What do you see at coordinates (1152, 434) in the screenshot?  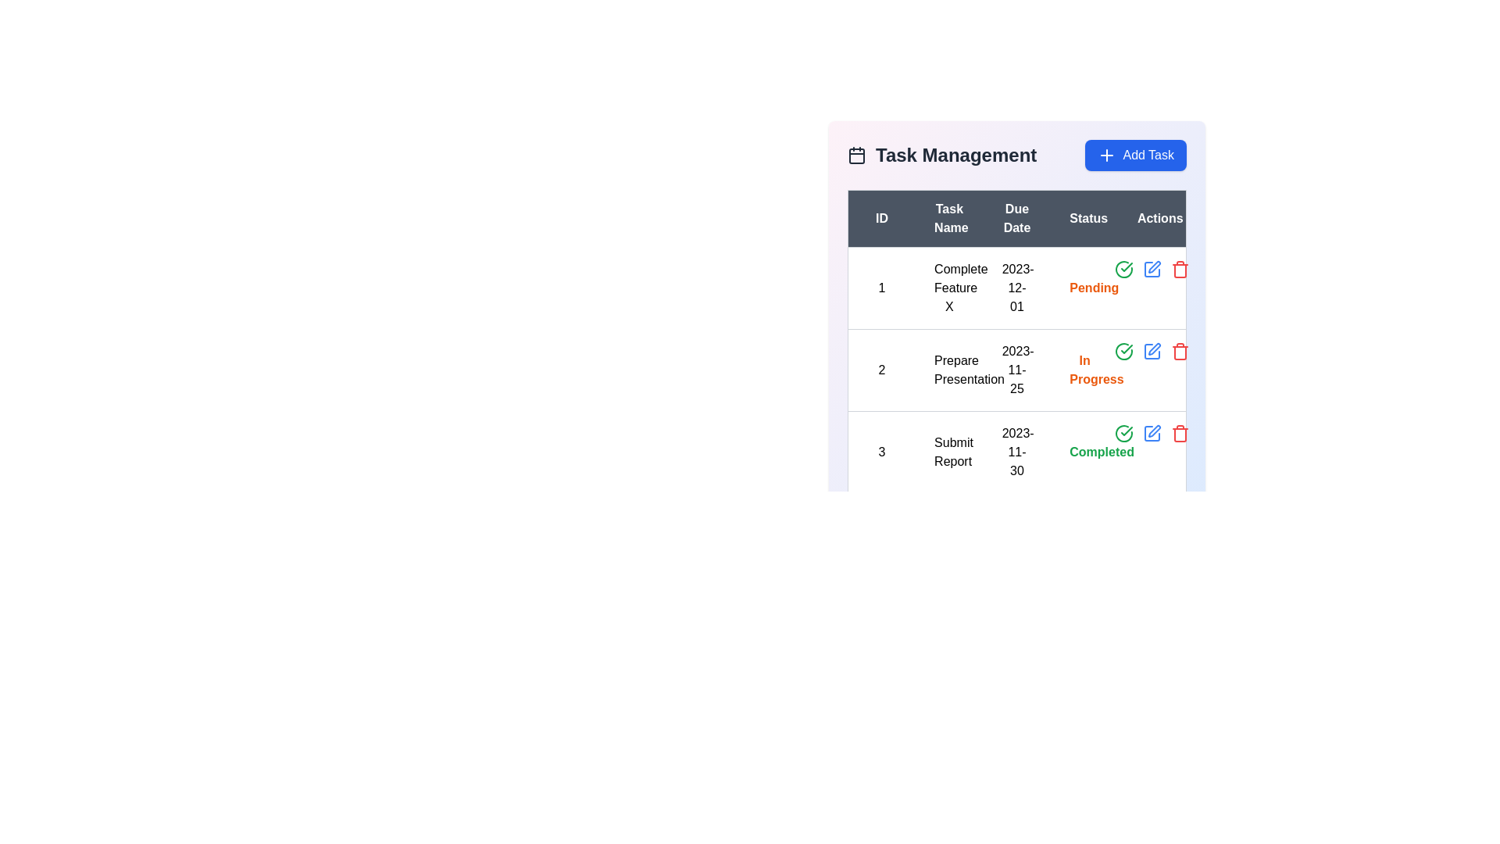 I see `the small blue outline icon resembling a pen or edit symbol in the 'Actions' column for task ID 3, titled 'Submit Report'` at bounding box center [1152, 434].